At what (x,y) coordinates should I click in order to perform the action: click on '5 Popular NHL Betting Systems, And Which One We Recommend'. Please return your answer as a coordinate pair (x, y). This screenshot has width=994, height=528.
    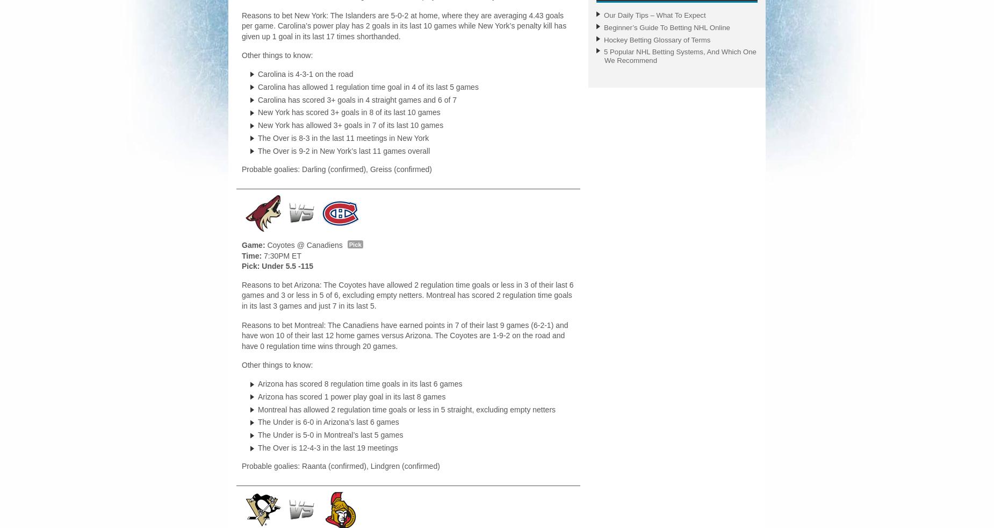
    Looking at the image, I should click on (679, 55).